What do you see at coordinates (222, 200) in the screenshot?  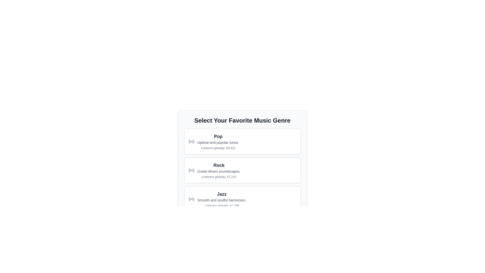 I see `the text label 'Smooth and soulful harmonies.' located under the title 'Jazz' in the music genre selection interface` at bounding box center [222, 200].